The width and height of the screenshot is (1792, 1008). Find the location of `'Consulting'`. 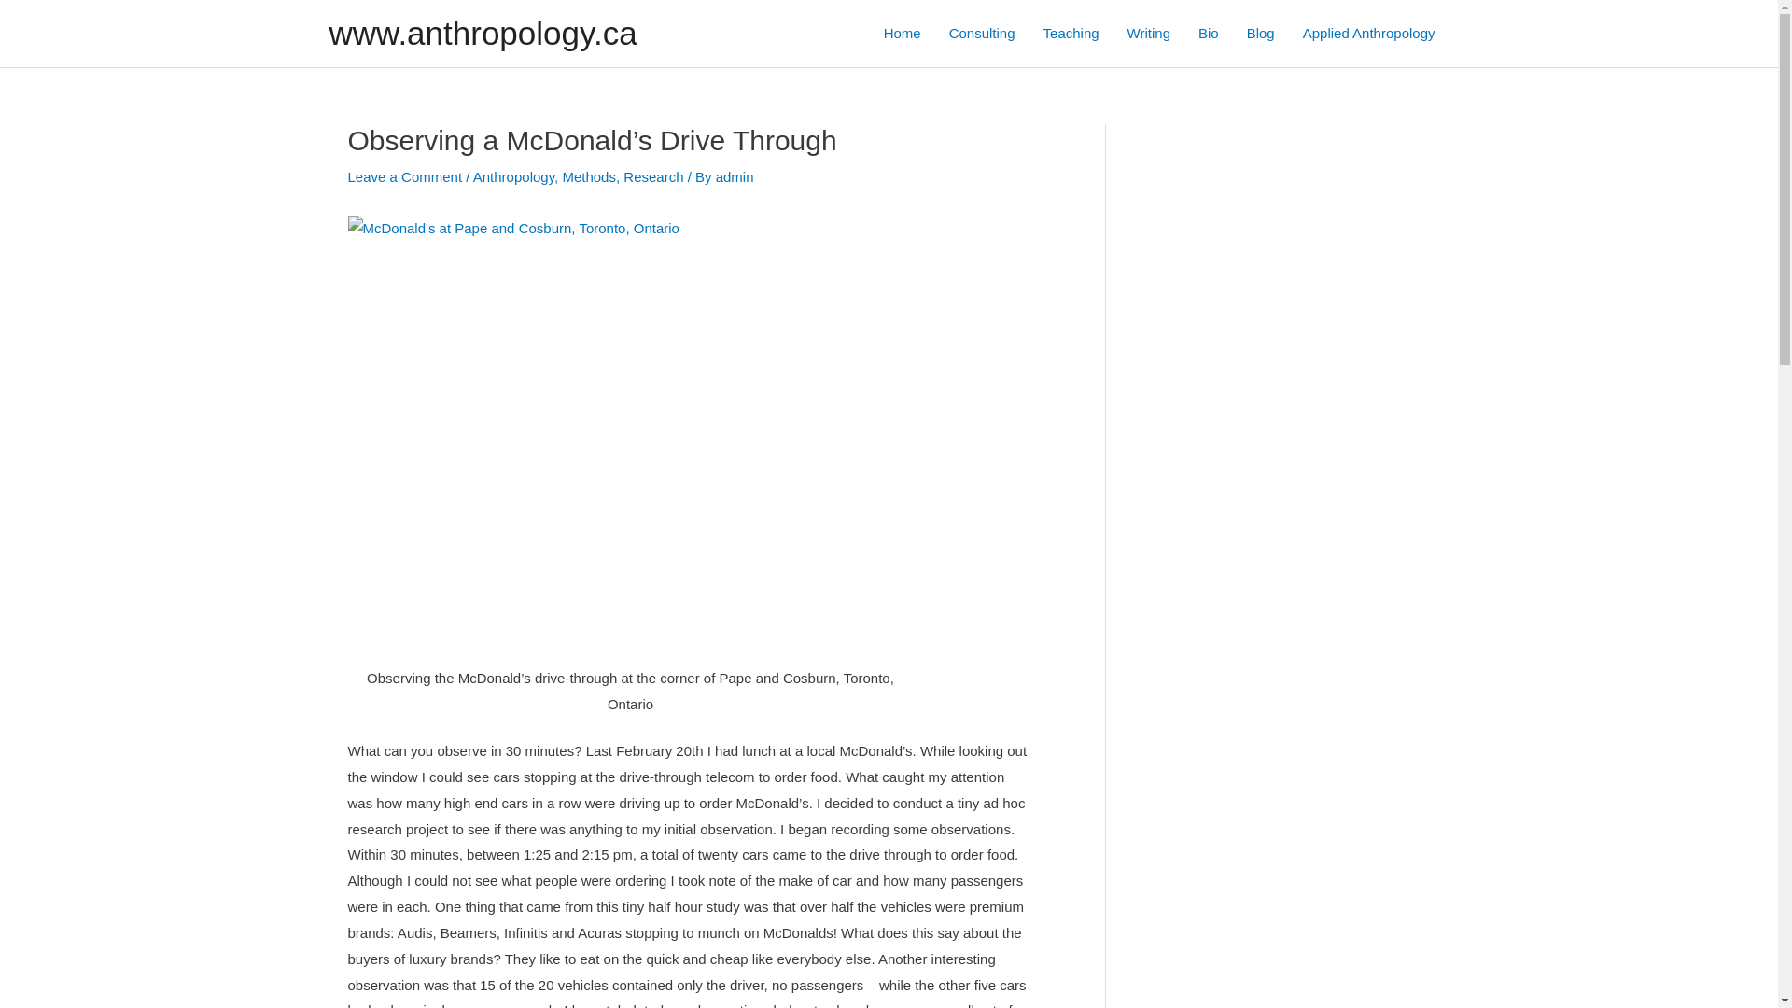

'Consulting' is located at coordinates (981, 33).